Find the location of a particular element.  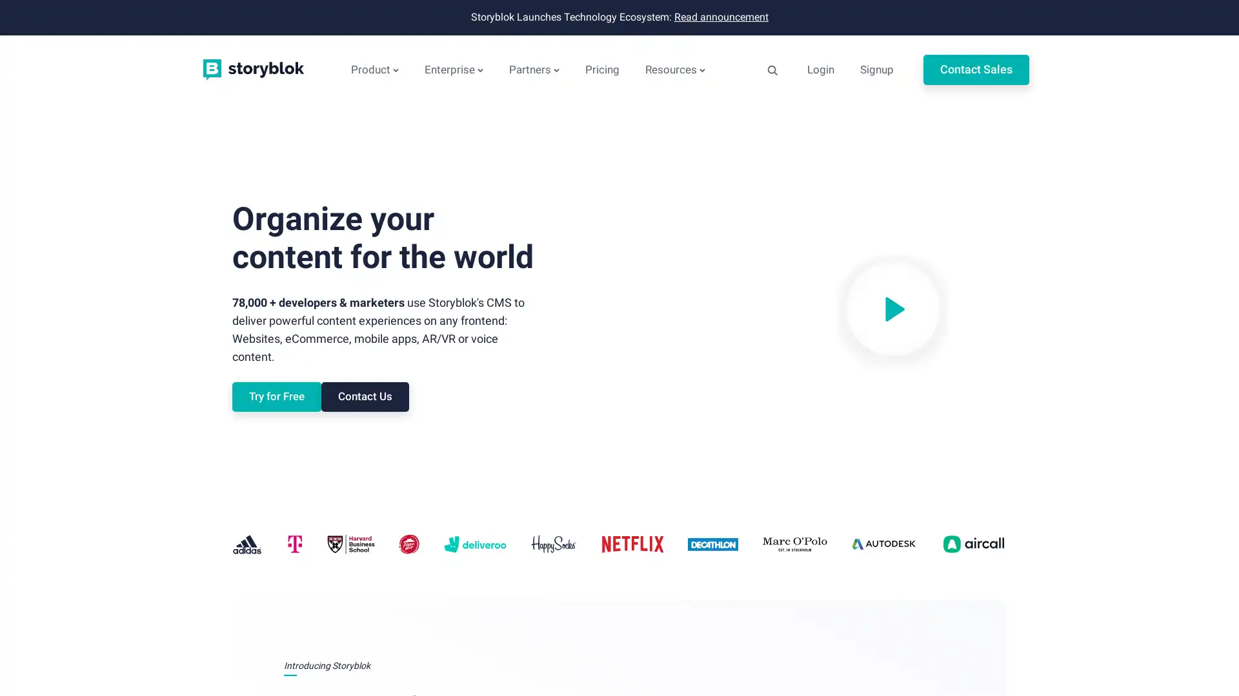

Partners is located at coordinates (534, 70).